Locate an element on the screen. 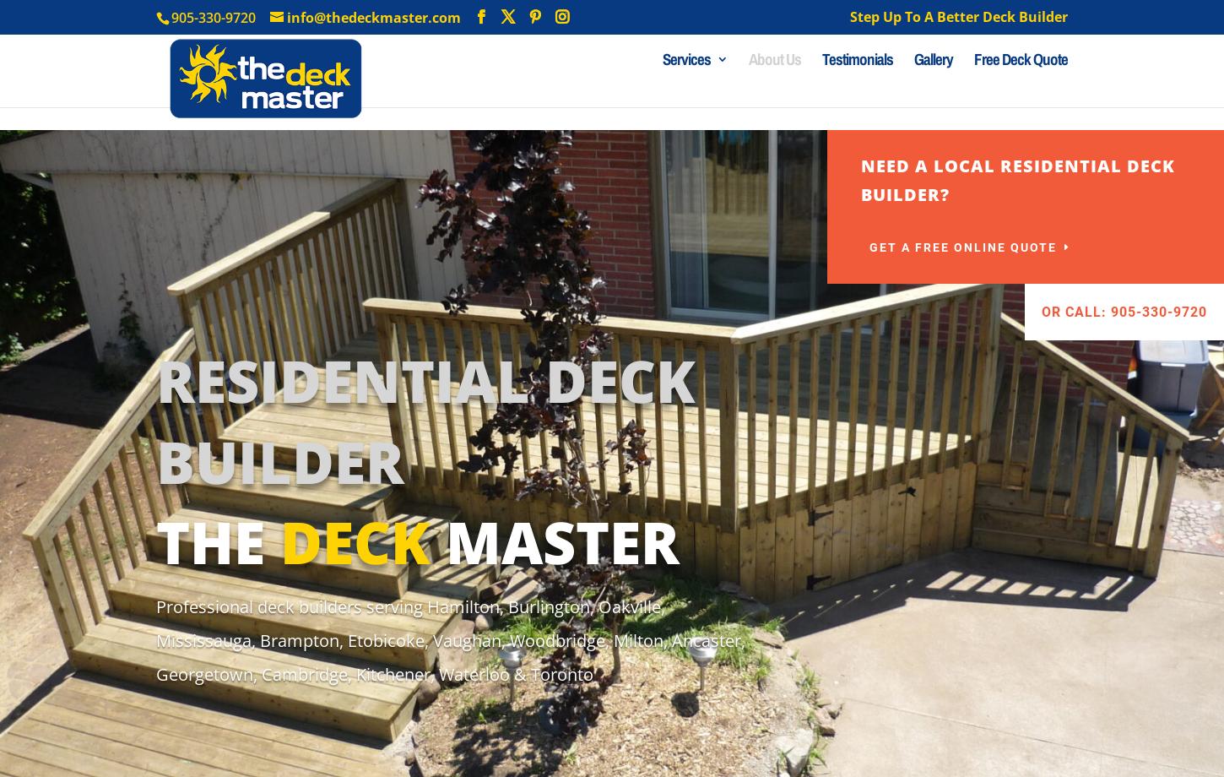 The image size is (1224, 777). 'About Us' is located at coordinates (773, 82).